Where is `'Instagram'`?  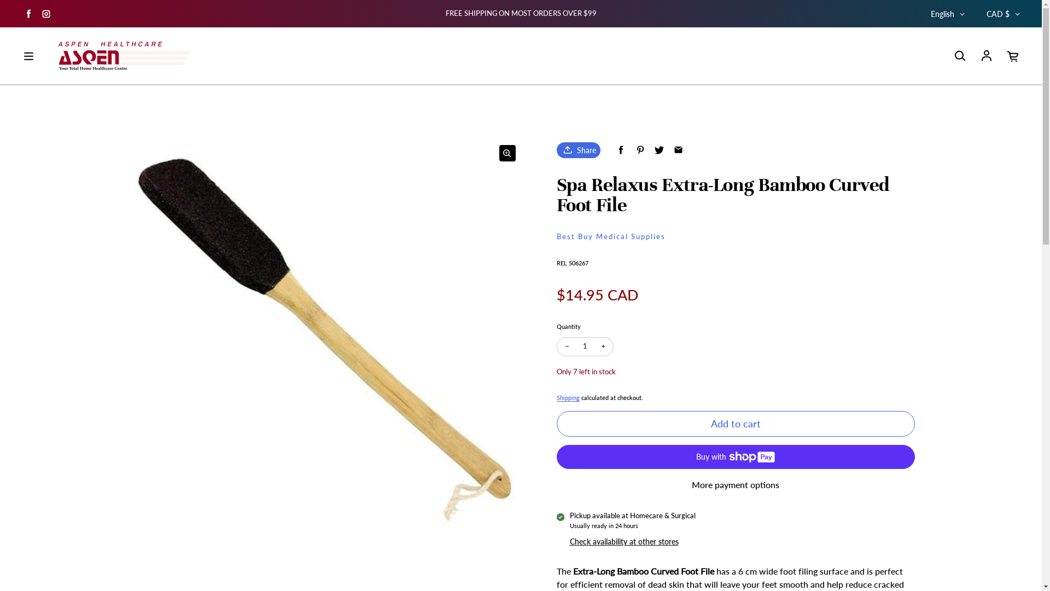
'Instagram' is located at coordinates (39, 13).